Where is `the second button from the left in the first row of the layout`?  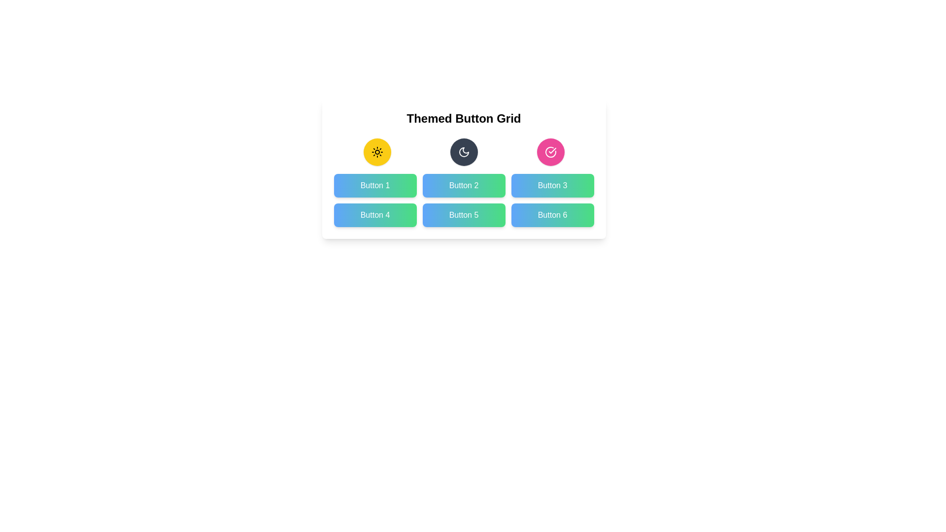 the second button from the left in the first row of the layout is located at coordinates (463, 152).